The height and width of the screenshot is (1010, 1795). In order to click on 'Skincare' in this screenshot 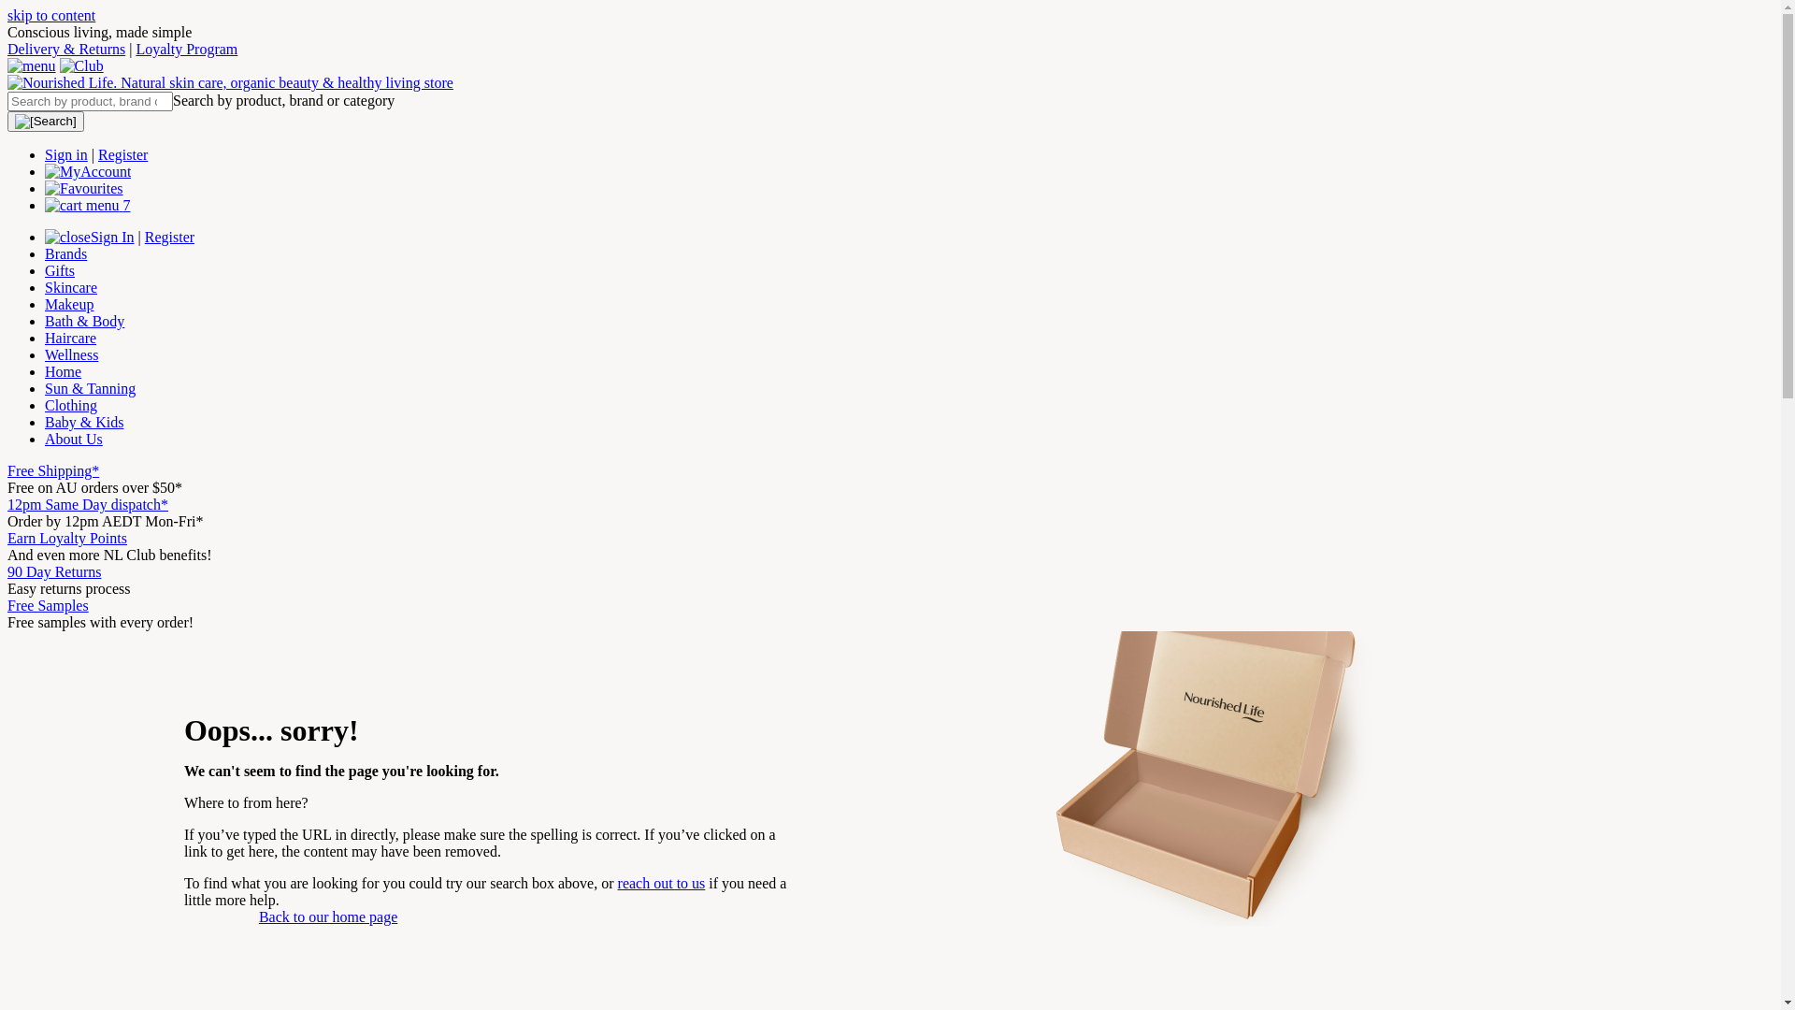, I will do `click(71, 287)`.